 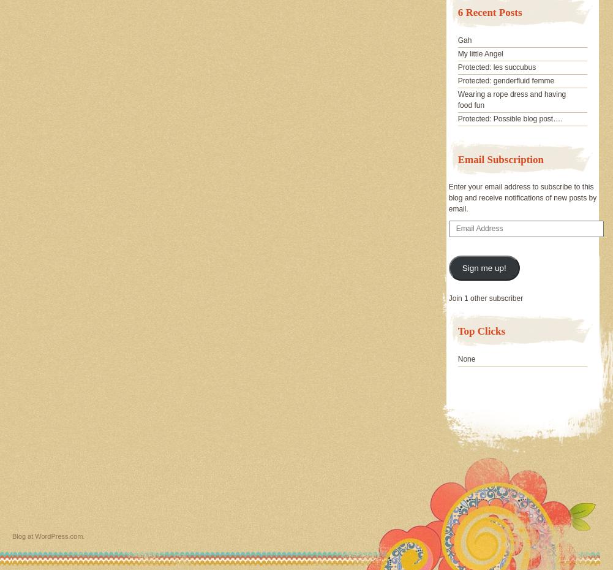 What do you see at coordinates (466, 358) in the screenshot?
I see `'None'` at bounding box center [466, 358].